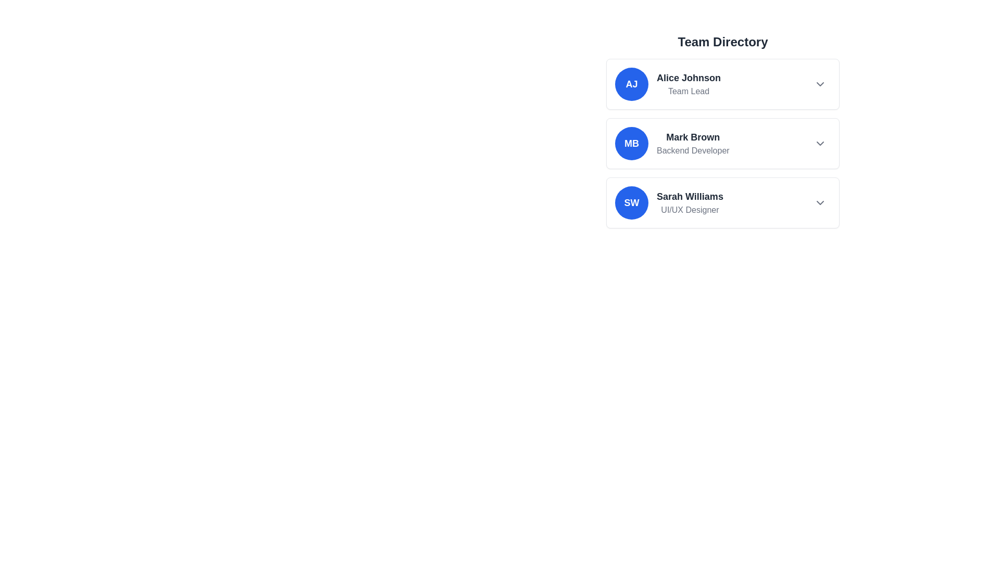 The width and height of the screenshot is (1000, 562). Describe the element at coordinates (672, 144) in the screenshot. I see `the second profile entry in the team member list, displaying the initials 'MB', located between 'Alice Johnson' and 'Sarah Williams'` at that location.